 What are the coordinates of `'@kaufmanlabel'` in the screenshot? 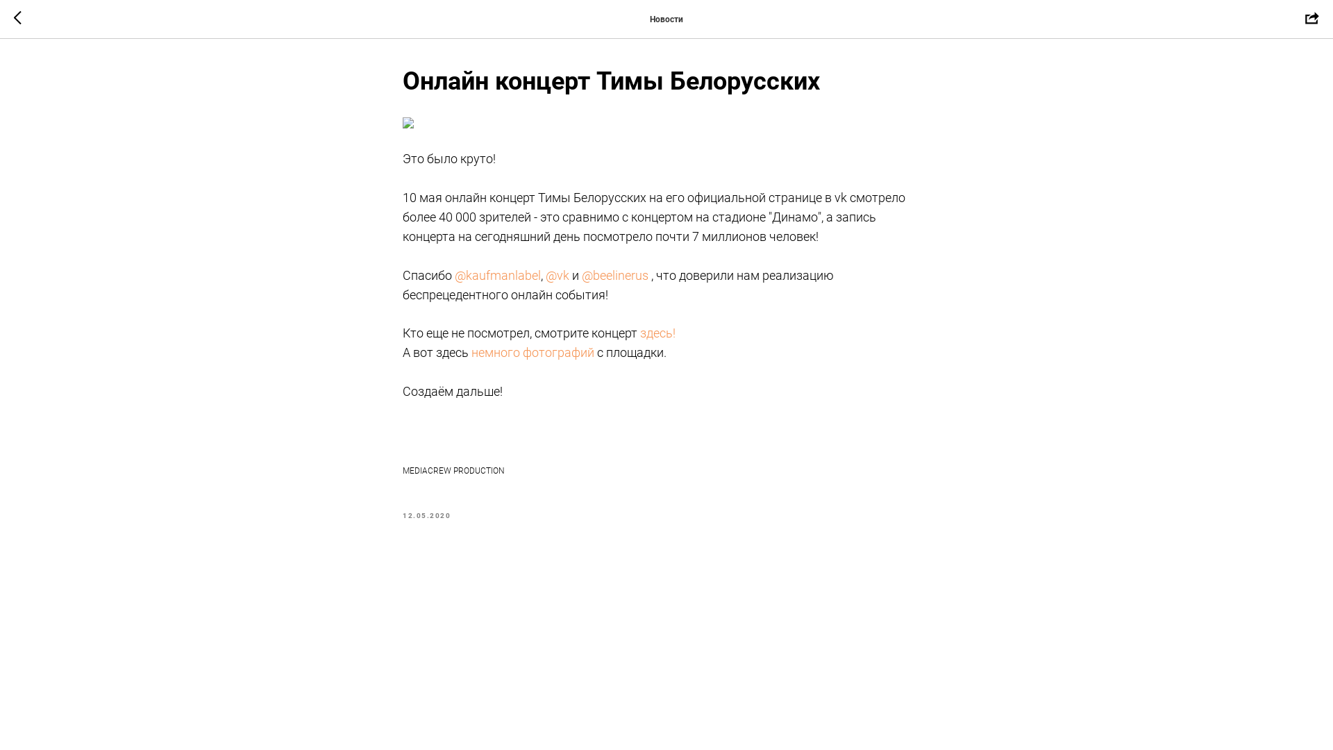 It's located at (497, 275).